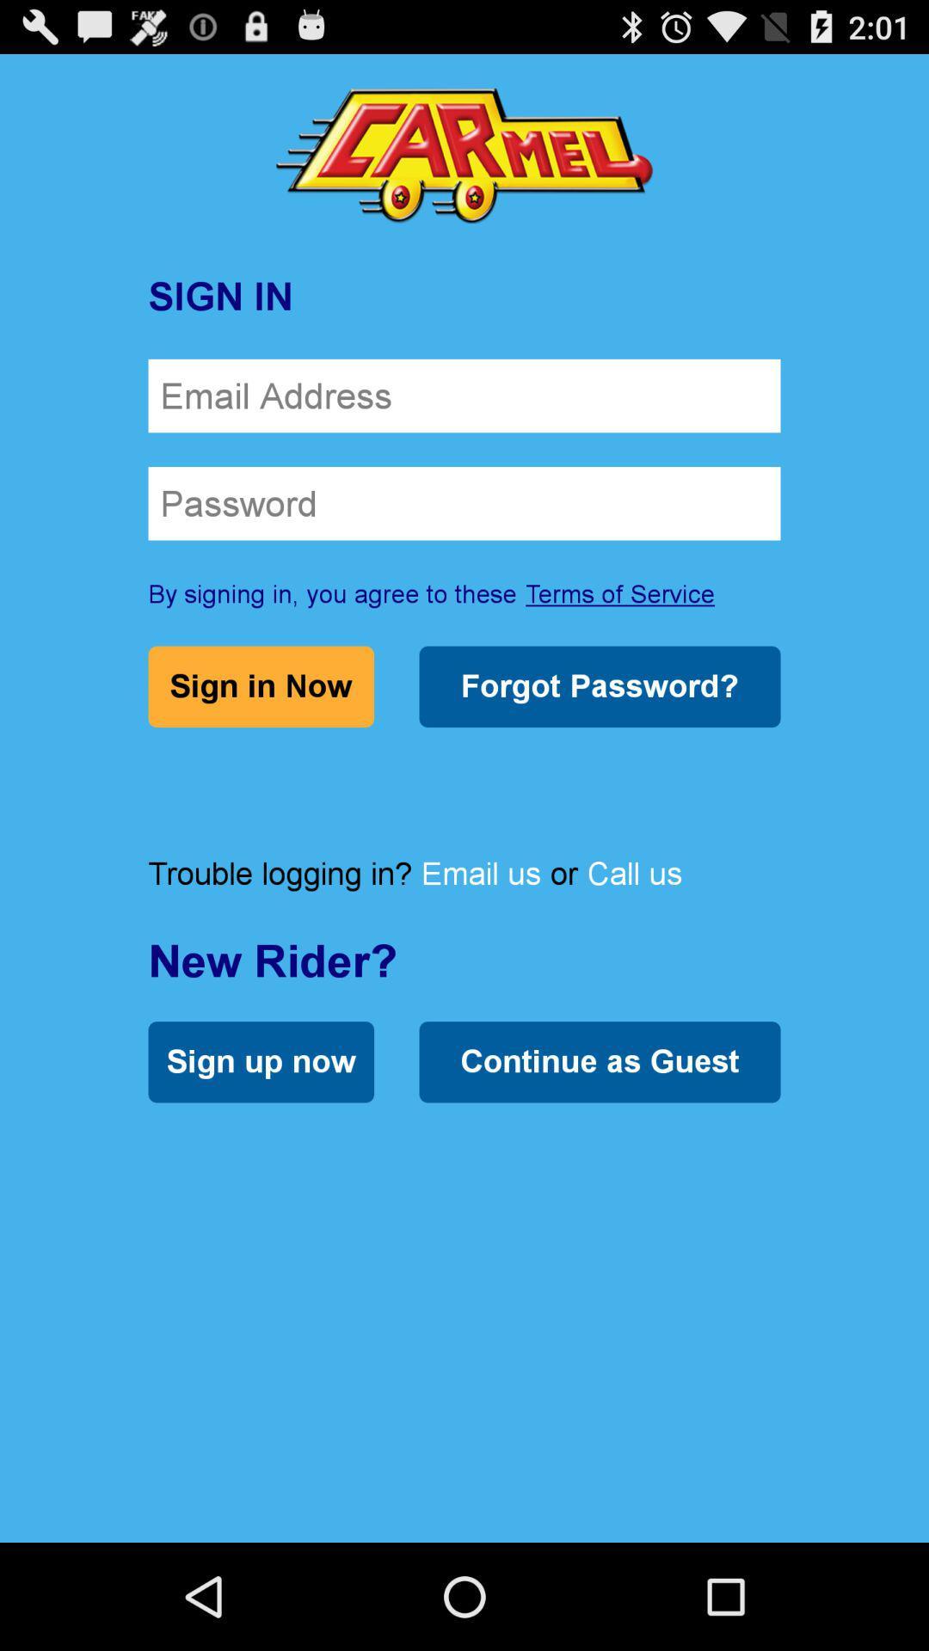 Image resolution: width=929 pixels, height=1651 pixels. What do you see at coordinates (634, 873) in the screenshot?
I see `call us  item` at bounding box center [634, 873].